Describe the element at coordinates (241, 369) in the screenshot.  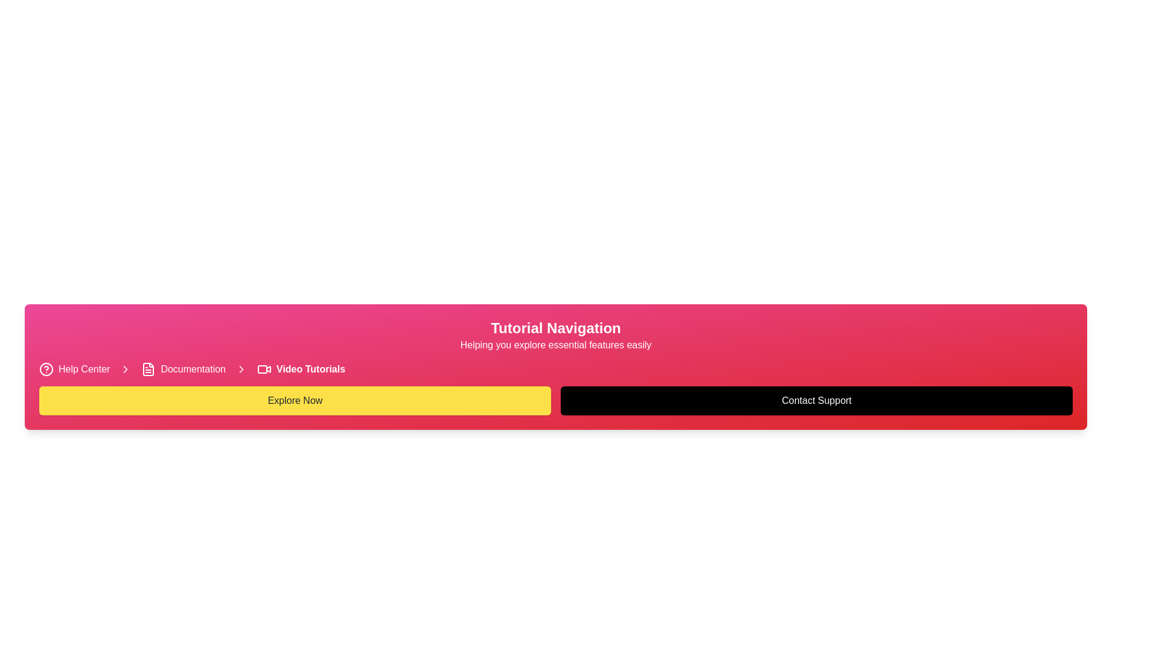
I see `the rightward-pointing arrow icon with a chevron design, which is white in color and serves as a separator between the 'Documentation' and 'Video Tutorials' links in the navigation bar` at that location.